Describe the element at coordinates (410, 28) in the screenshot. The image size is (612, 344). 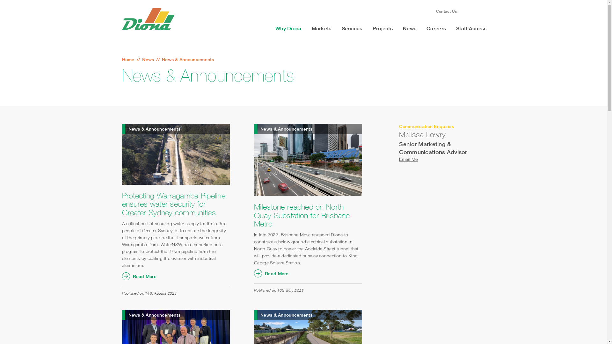
I see `'News'` at that location.